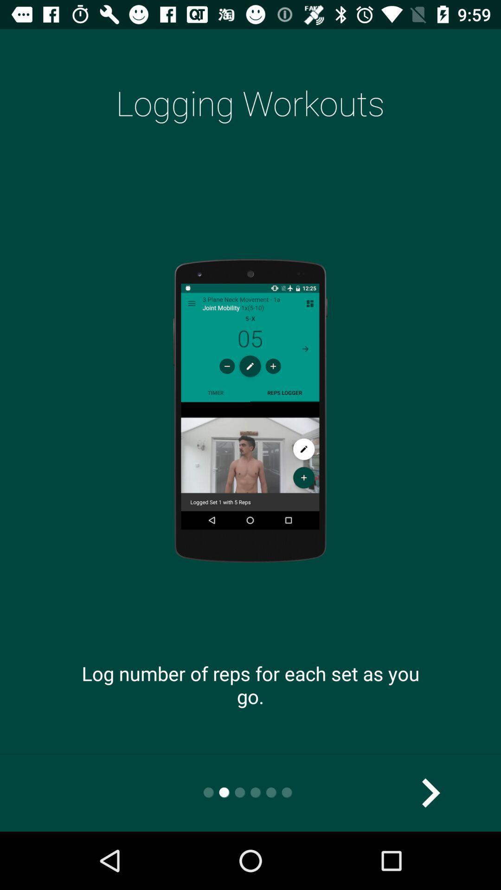  Describe the element at coordinates (430, 792) in the screenshot. I see `next` at that location.